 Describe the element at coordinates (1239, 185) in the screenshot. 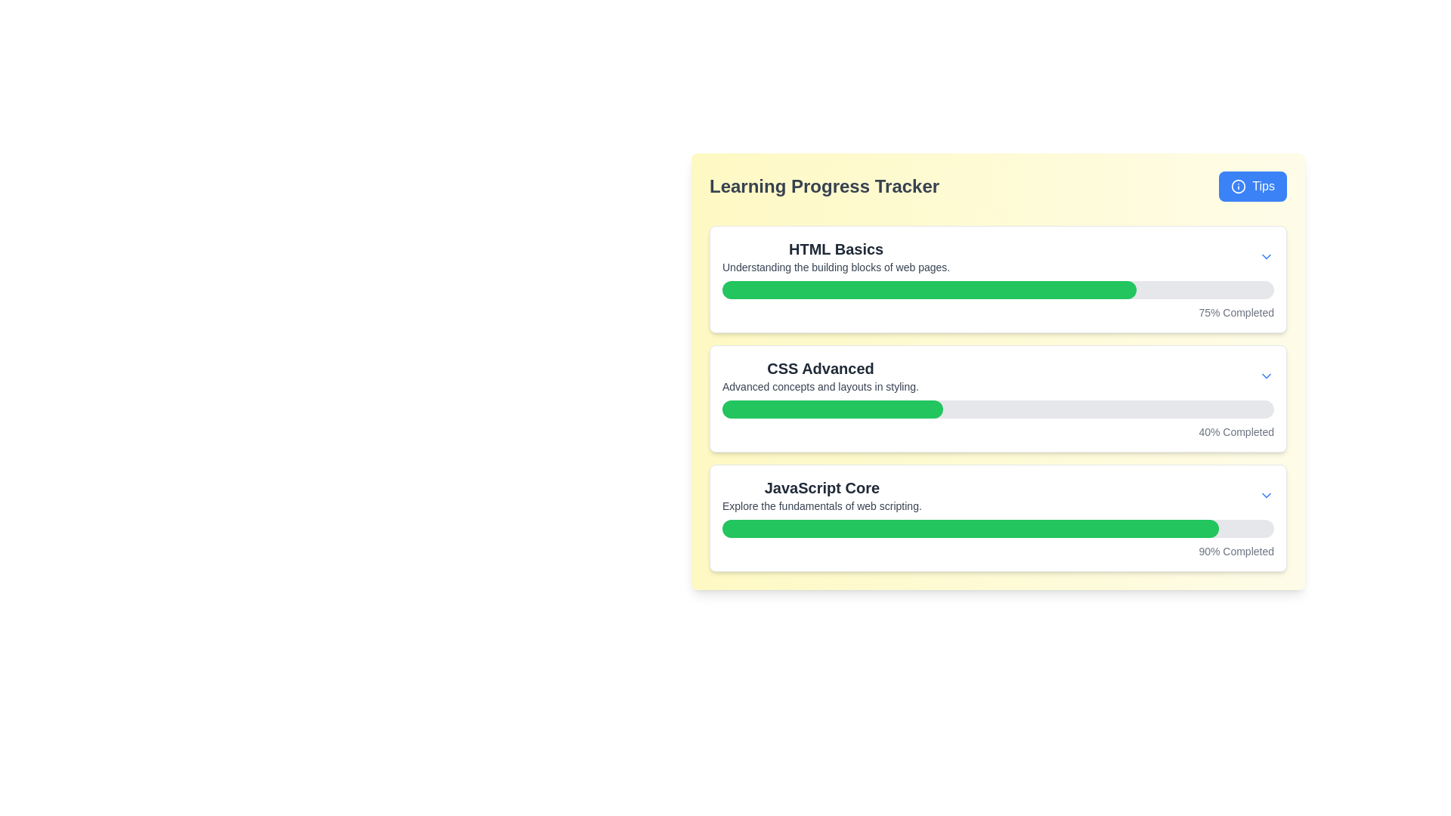

I see `the SVG graphical icon inside the 'Tips' button located at the upper-right corner of the 'Learning Progress Tracker' card` at that location.